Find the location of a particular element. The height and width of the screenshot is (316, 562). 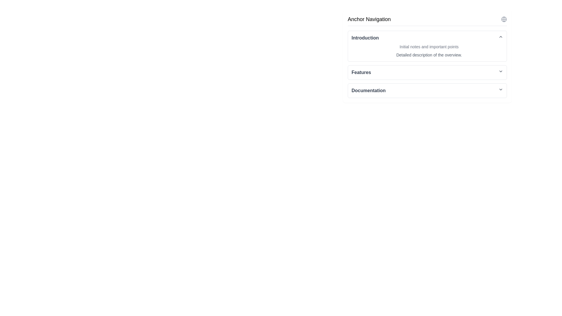

the text block providing supplementary information located underneath the 'Introduction' heading in the 'Anchor Navigation' section is located at coordinates (427, 49).